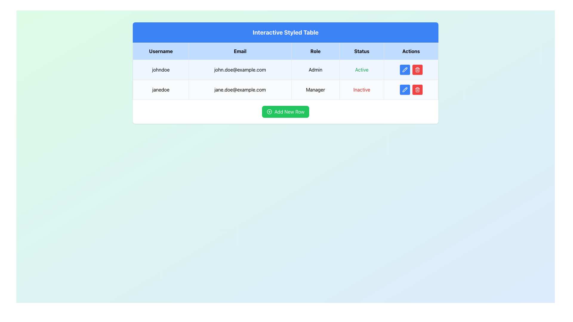 Image resolution: width=573 pixels, height=322 pixels. What do you see at coordinates (361, 51) in the screenshot?
I see `the 'Status' text label, which is a bold, centered label with a light blue background located within the table header, fourth from the left` at bounding box center [361, 51].